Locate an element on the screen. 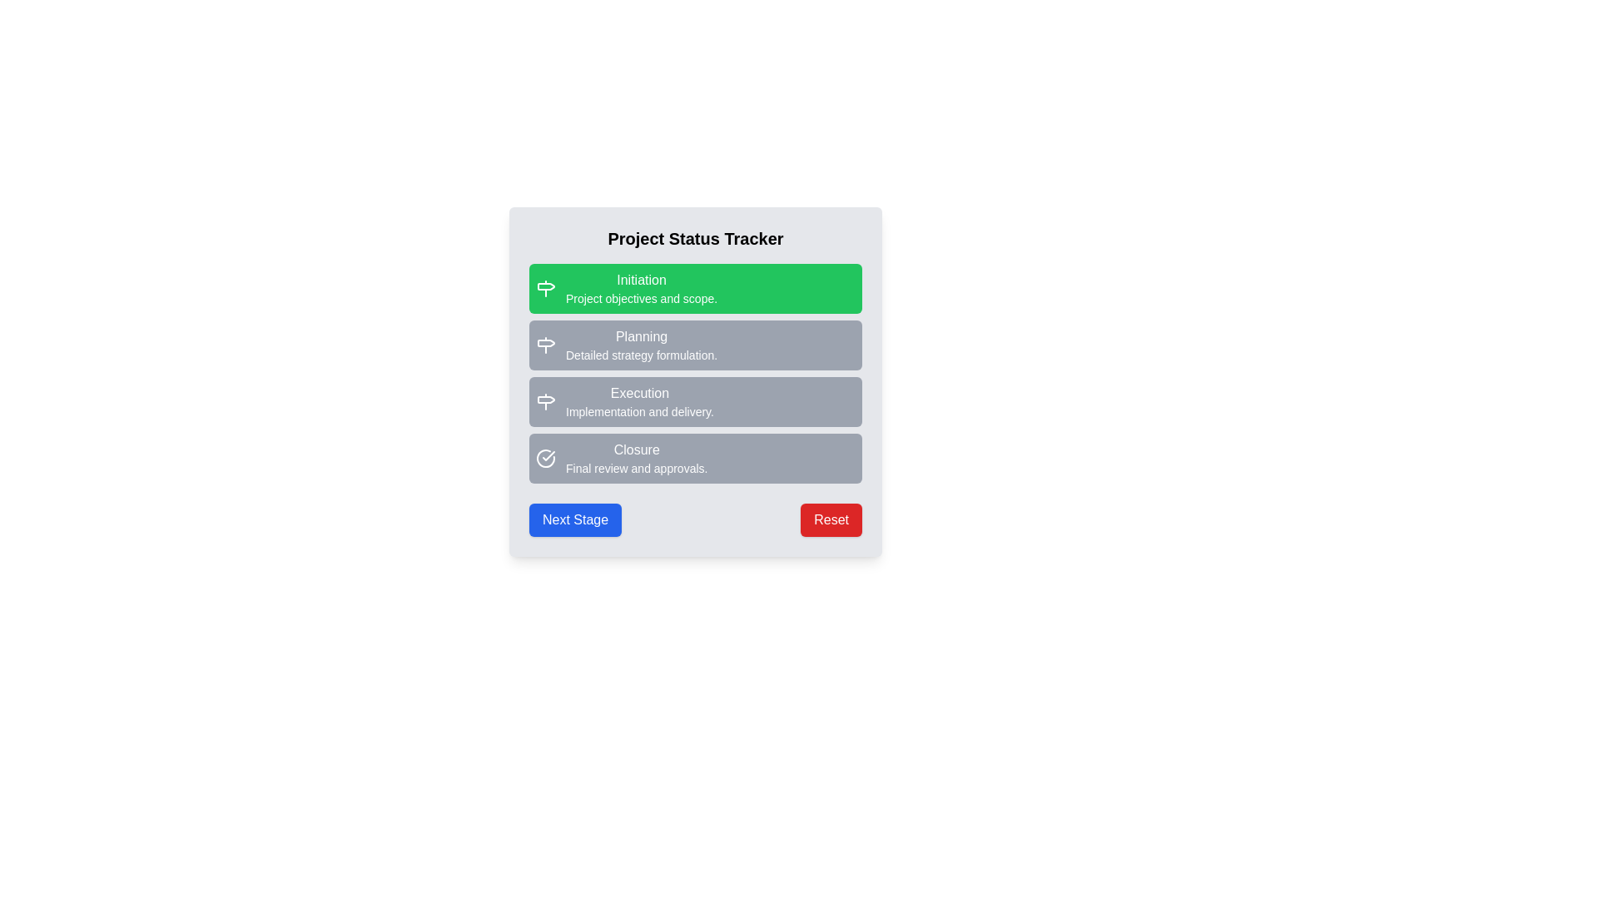 This screenshot has width=1598, height=899. the text label displaying 'Execution' in bold font, which is part of a vertically stacked list of items in the center of the interface is located at coordinates (638, 401).